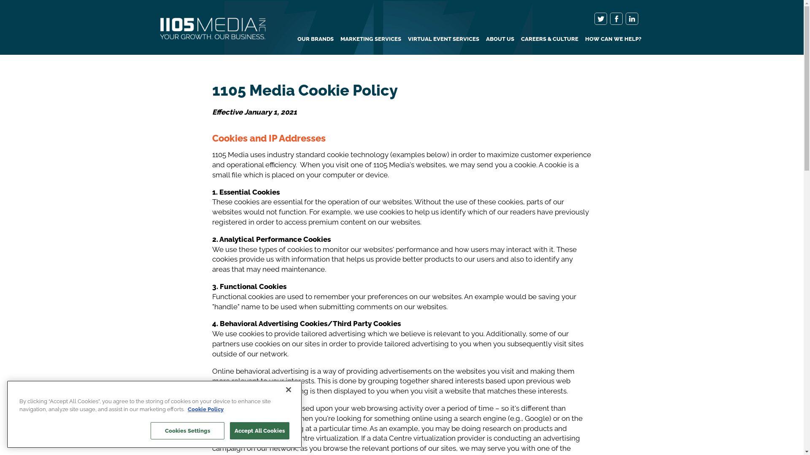 This screenshot has width=810, height=455. What do you see at coordinates (443, 39) in the screenshot?
I see `'VIRTUAL EVENT SERVICES'` at bounding box center [443, 39].